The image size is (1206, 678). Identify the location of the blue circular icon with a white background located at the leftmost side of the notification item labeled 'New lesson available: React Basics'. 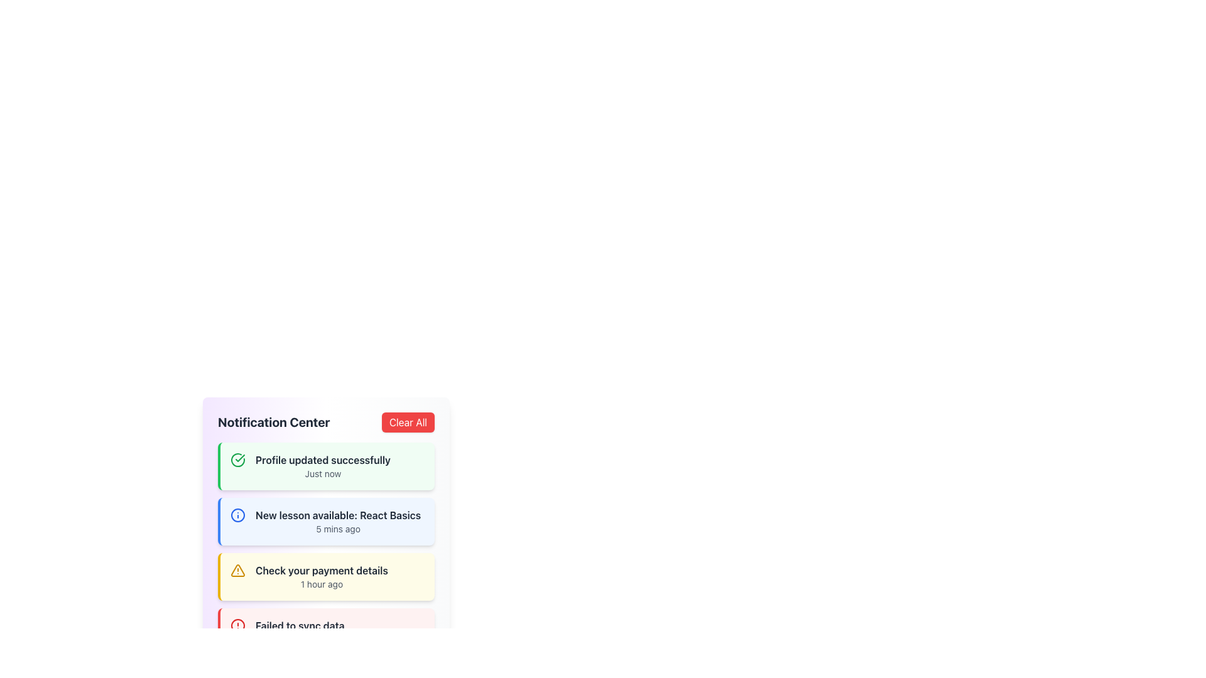
(238, 515).